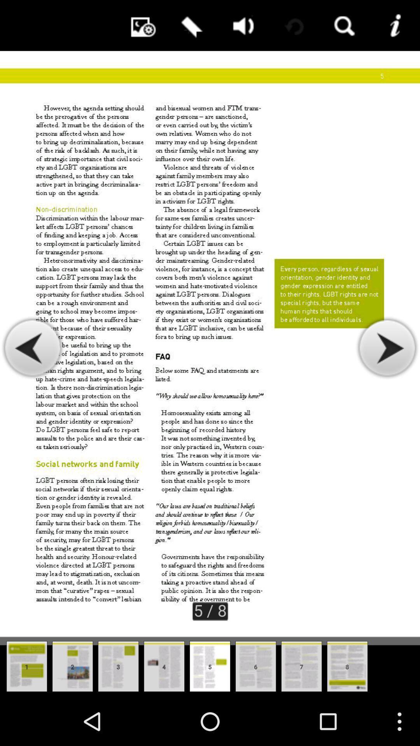  I want to click on 5 / 8 icon, so click(210, 610).